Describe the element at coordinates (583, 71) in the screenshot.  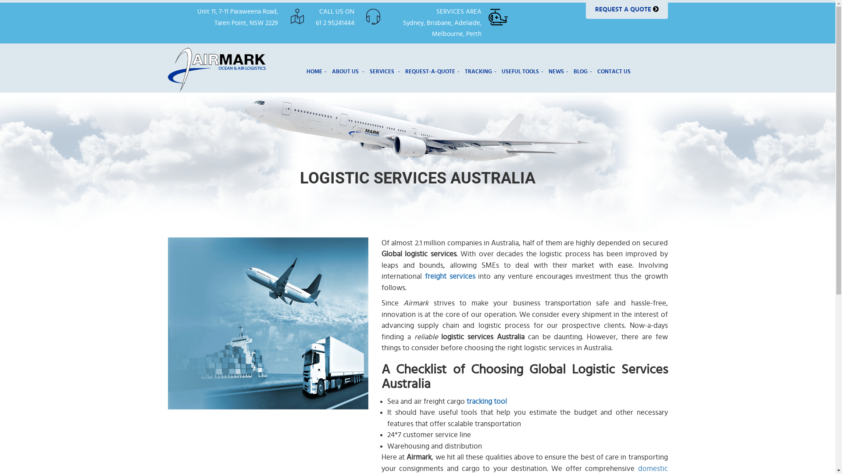
I see `'BLOG'` at that location.